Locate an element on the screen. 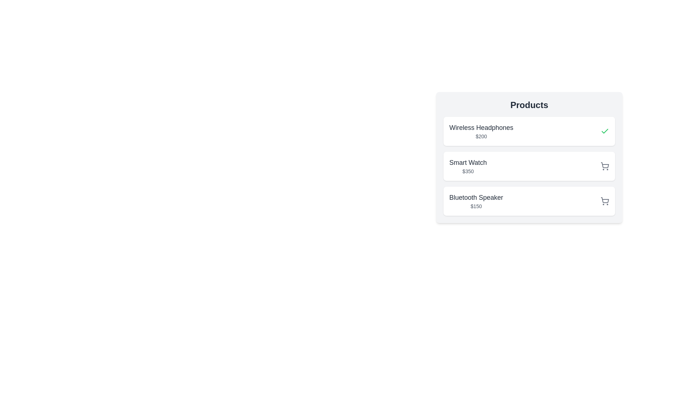  the text label displaying '$150', which is styled in a small gray font and located below the 'Bluetooth Speaker' text within a card-like structure is located at coordinates (476, 206).